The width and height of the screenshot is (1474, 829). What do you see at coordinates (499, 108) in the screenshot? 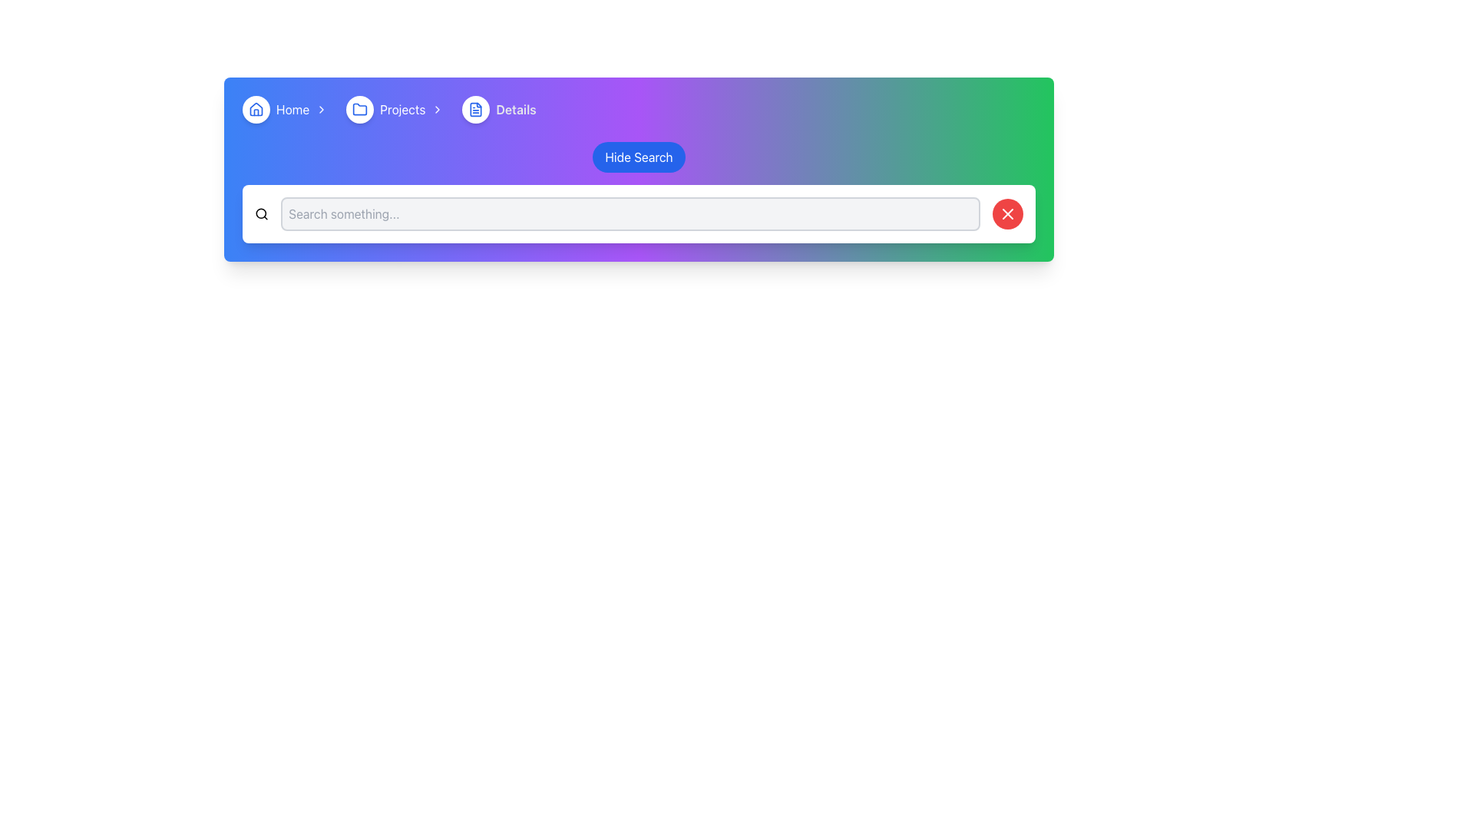
I see `the 'Details' text in the Breadcrumb Link Section` at bounding box center [499, 108].